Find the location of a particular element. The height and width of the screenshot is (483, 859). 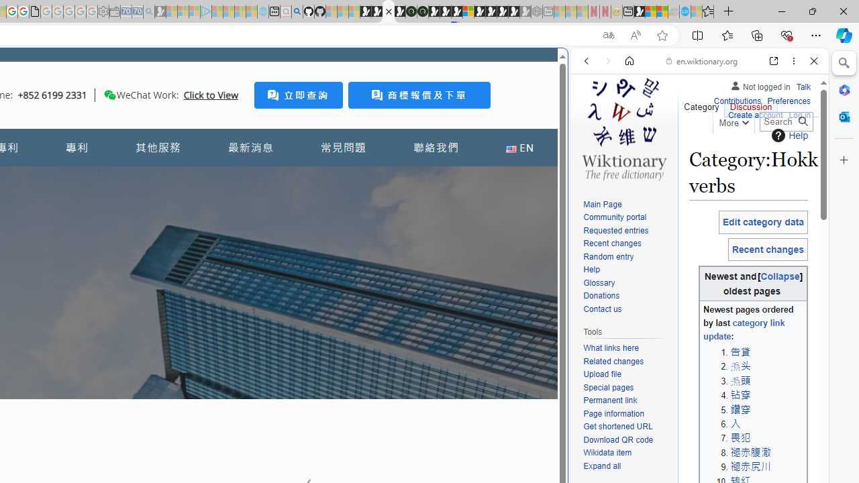

'Donations' is located at coordinates (601, 295).